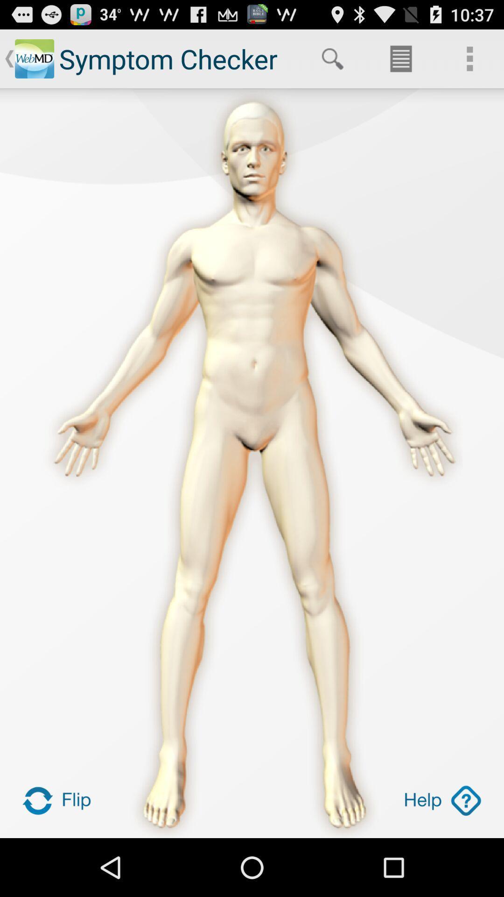  I want to click on open help page, so click(442, 800).